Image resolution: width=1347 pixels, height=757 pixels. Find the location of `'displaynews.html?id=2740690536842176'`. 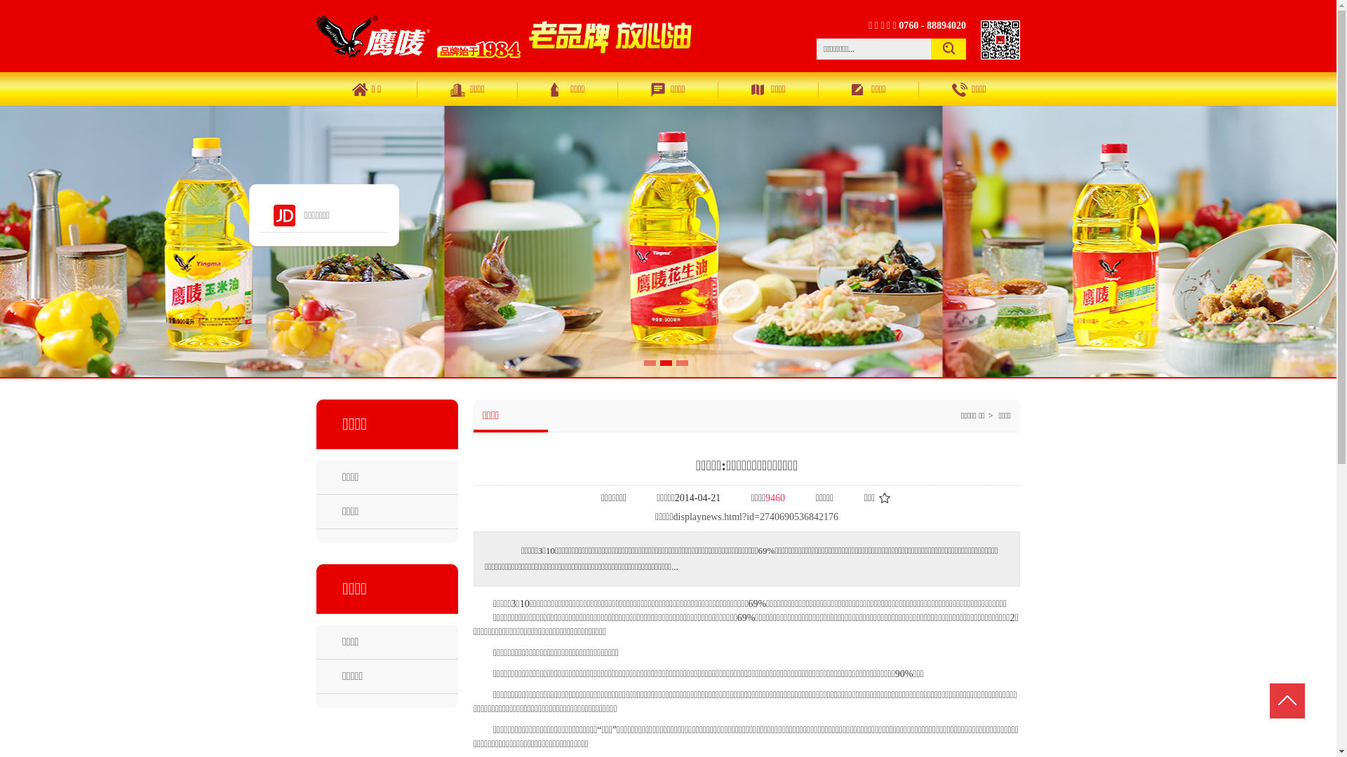

'displaynews.html?id=2740690536842176' is located at coordinates (755, 517).